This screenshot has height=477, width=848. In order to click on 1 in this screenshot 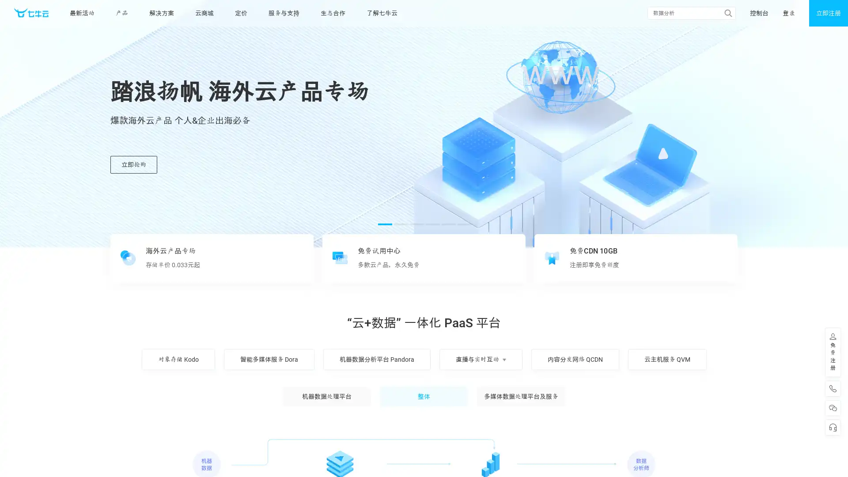, I will do `click(385, 224)`.